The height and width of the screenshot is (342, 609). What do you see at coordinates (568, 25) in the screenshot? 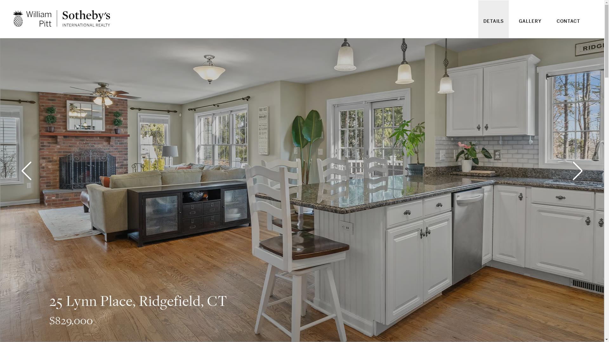
I see `'CONTACT'` at bounding box center [568, 25].